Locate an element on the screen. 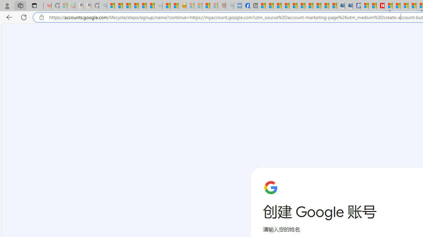 The image size is (423, 237). 'Latest Politics News & Archive | Newsweek.com' is located at coordinates (381, 6).